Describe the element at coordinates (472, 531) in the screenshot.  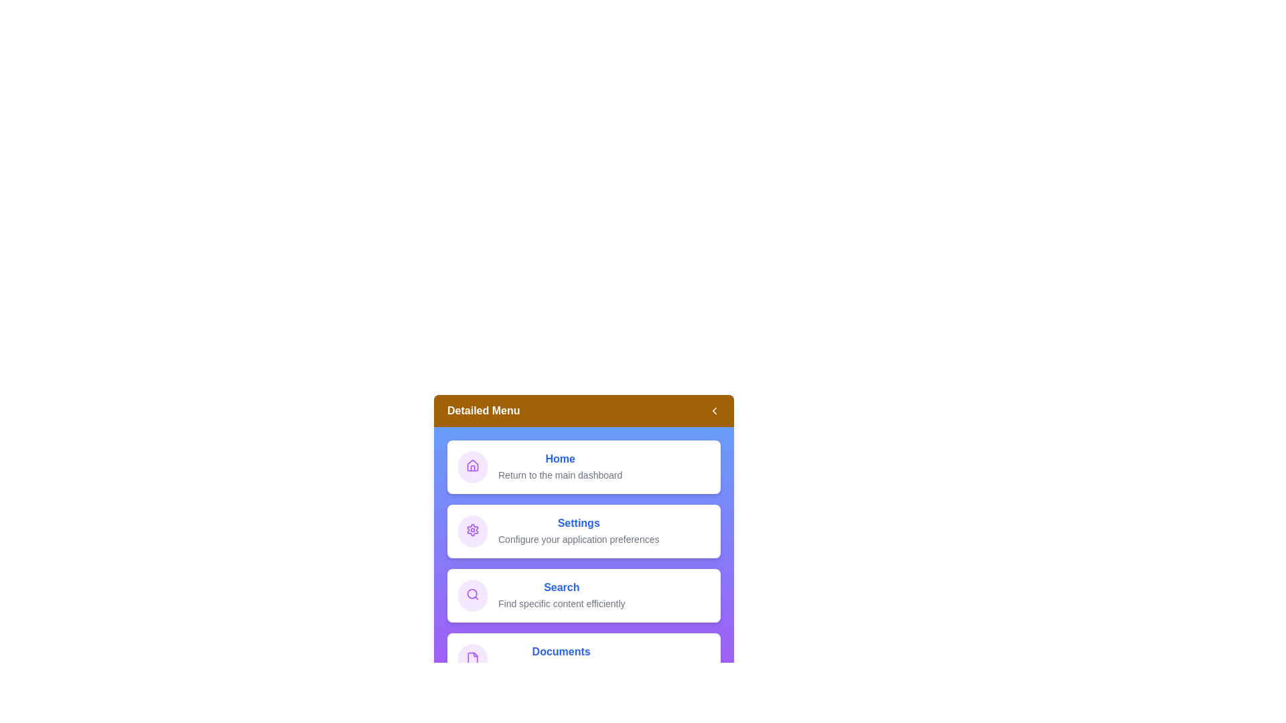
I see `the icon corresponding to Settings in the menu` at that location.